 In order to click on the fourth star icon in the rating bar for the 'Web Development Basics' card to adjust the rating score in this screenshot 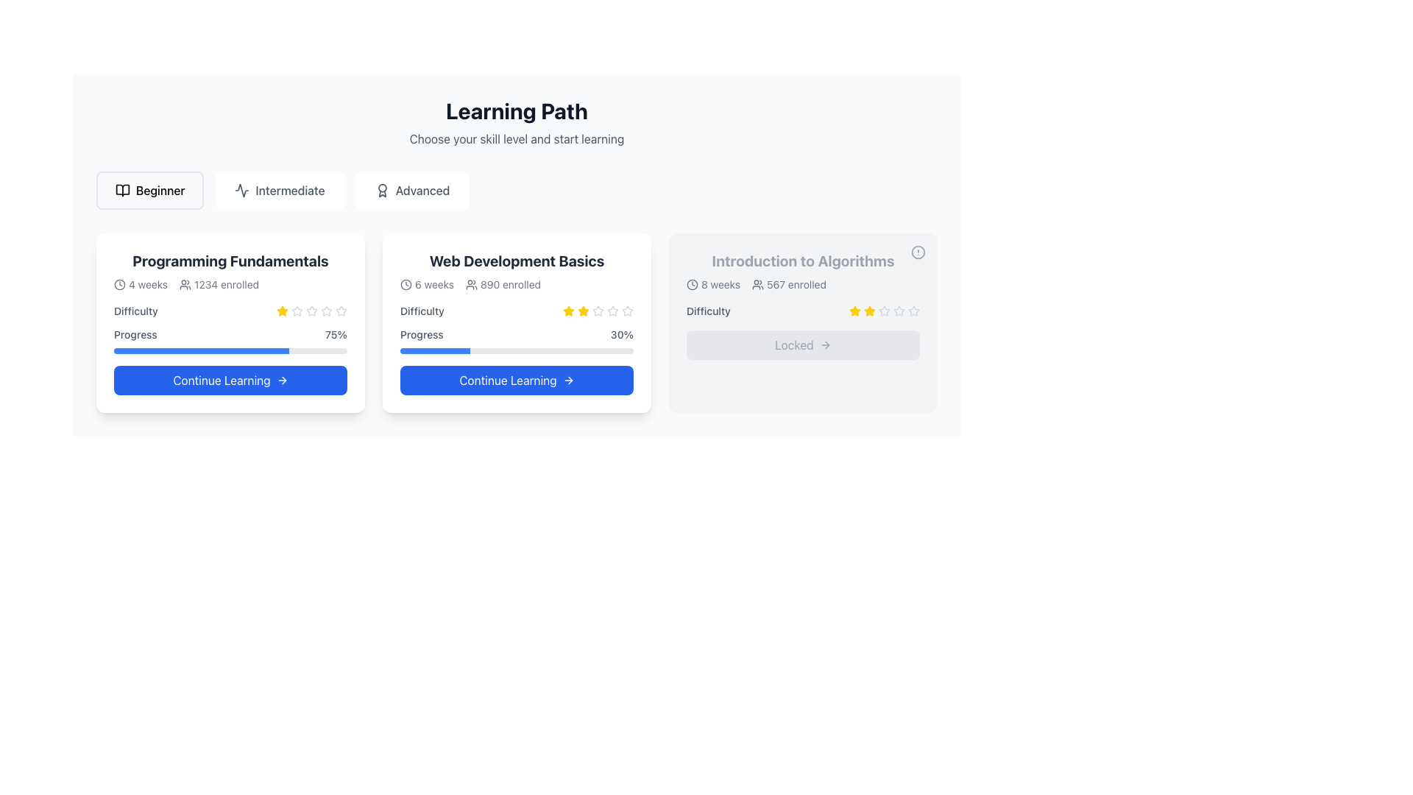, I will do `click(598, 311)`.